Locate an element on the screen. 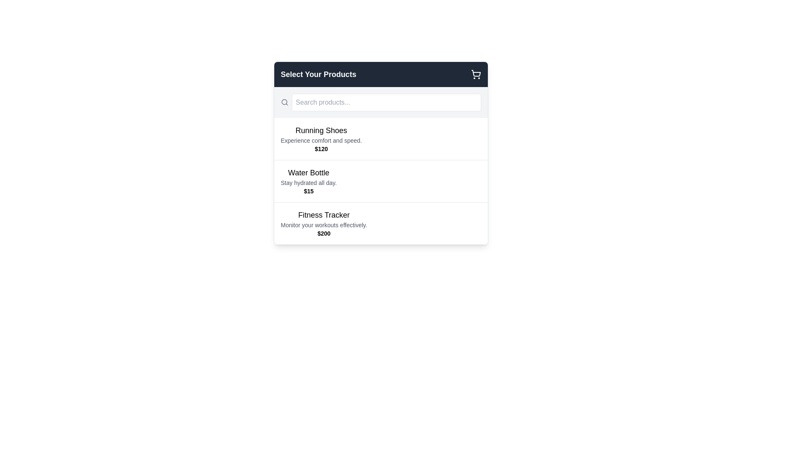 The image size is (804, 452). the text label displaying 'Water Bottle', which is bold and large, positioned above the description and price in the middle part of the interface is located at coordinates (308, 172).